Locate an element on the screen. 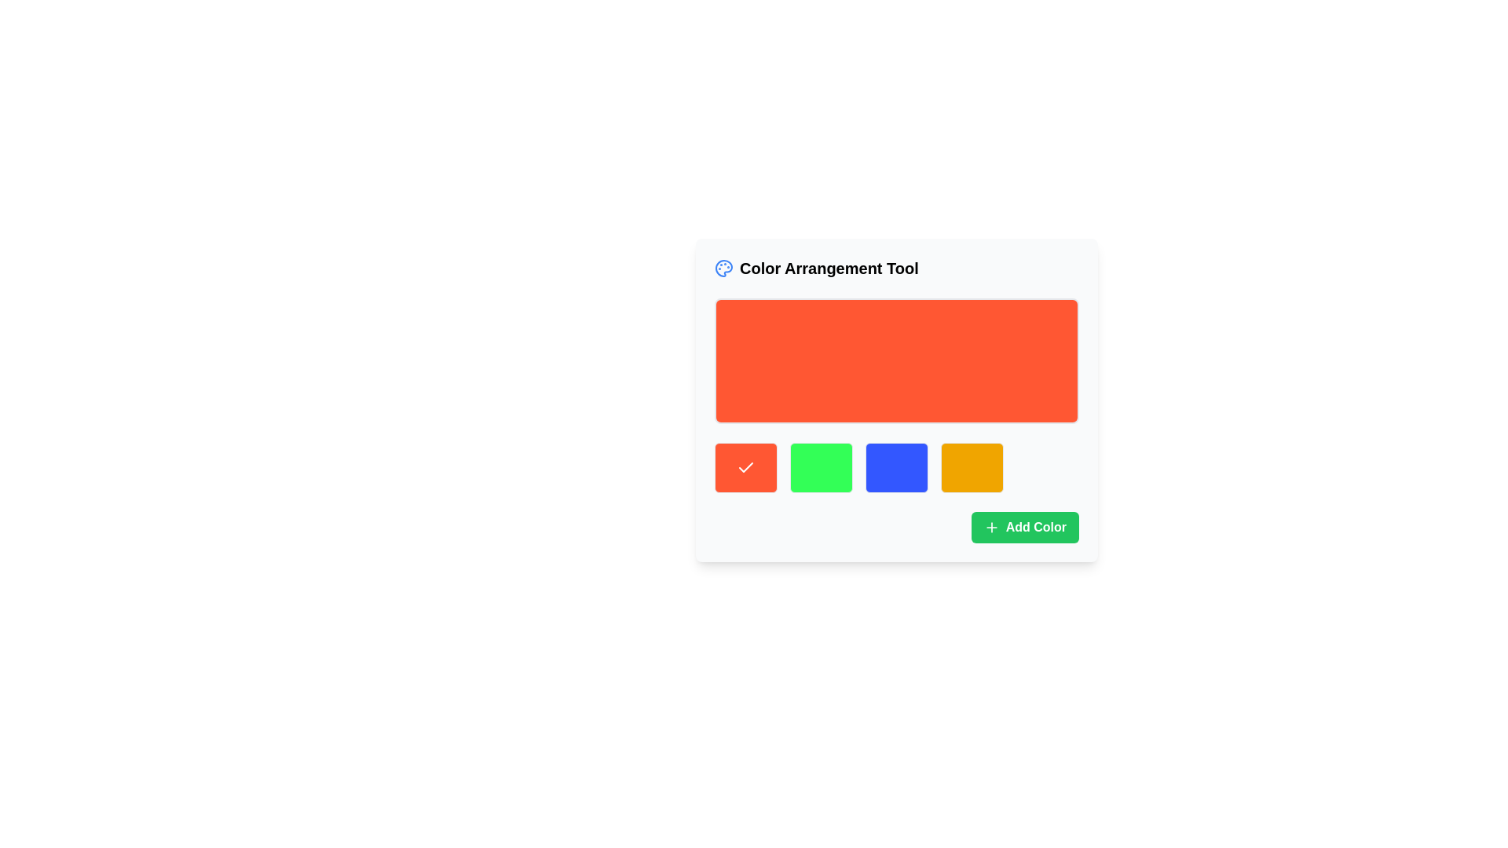  the blue button with rounded corners, which is the third button from the left in a row of five is located at coordinates (897, 467).